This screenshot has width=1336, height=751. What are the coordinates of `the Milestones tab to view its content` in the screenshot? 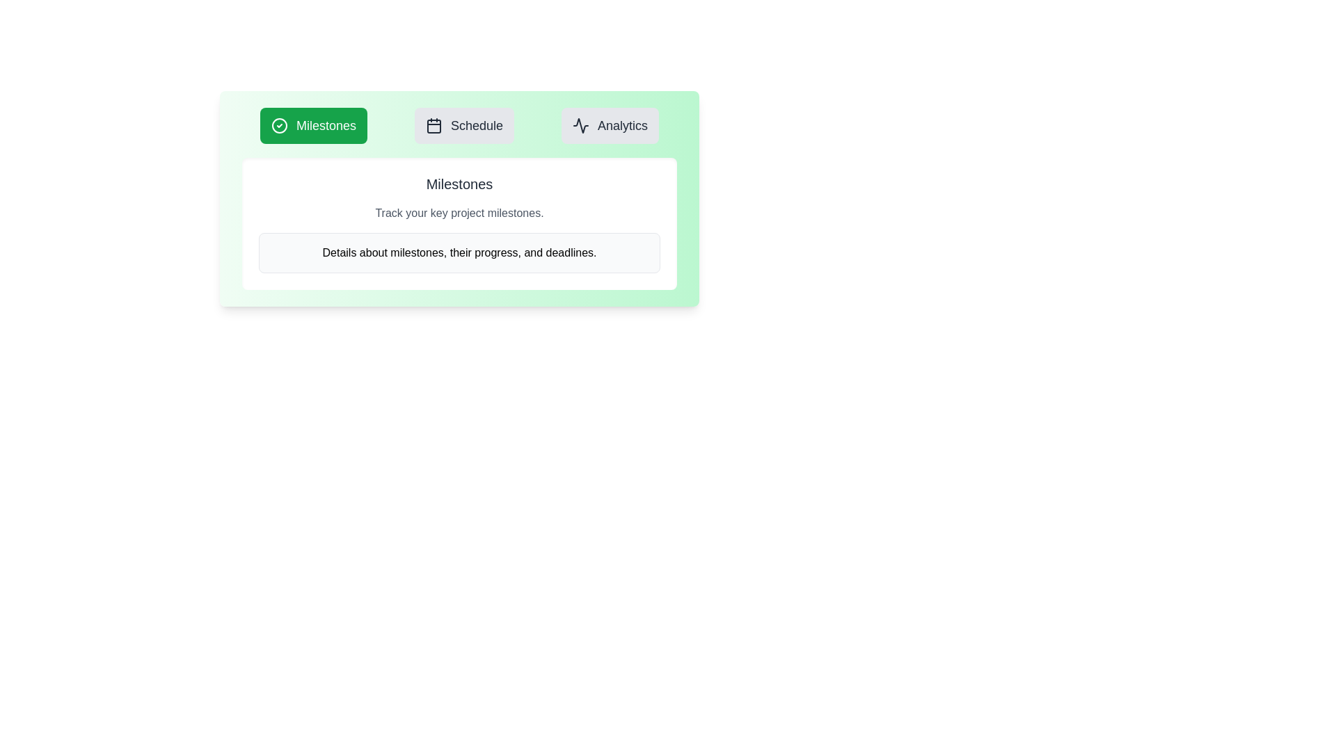 It's located at (313, 126).